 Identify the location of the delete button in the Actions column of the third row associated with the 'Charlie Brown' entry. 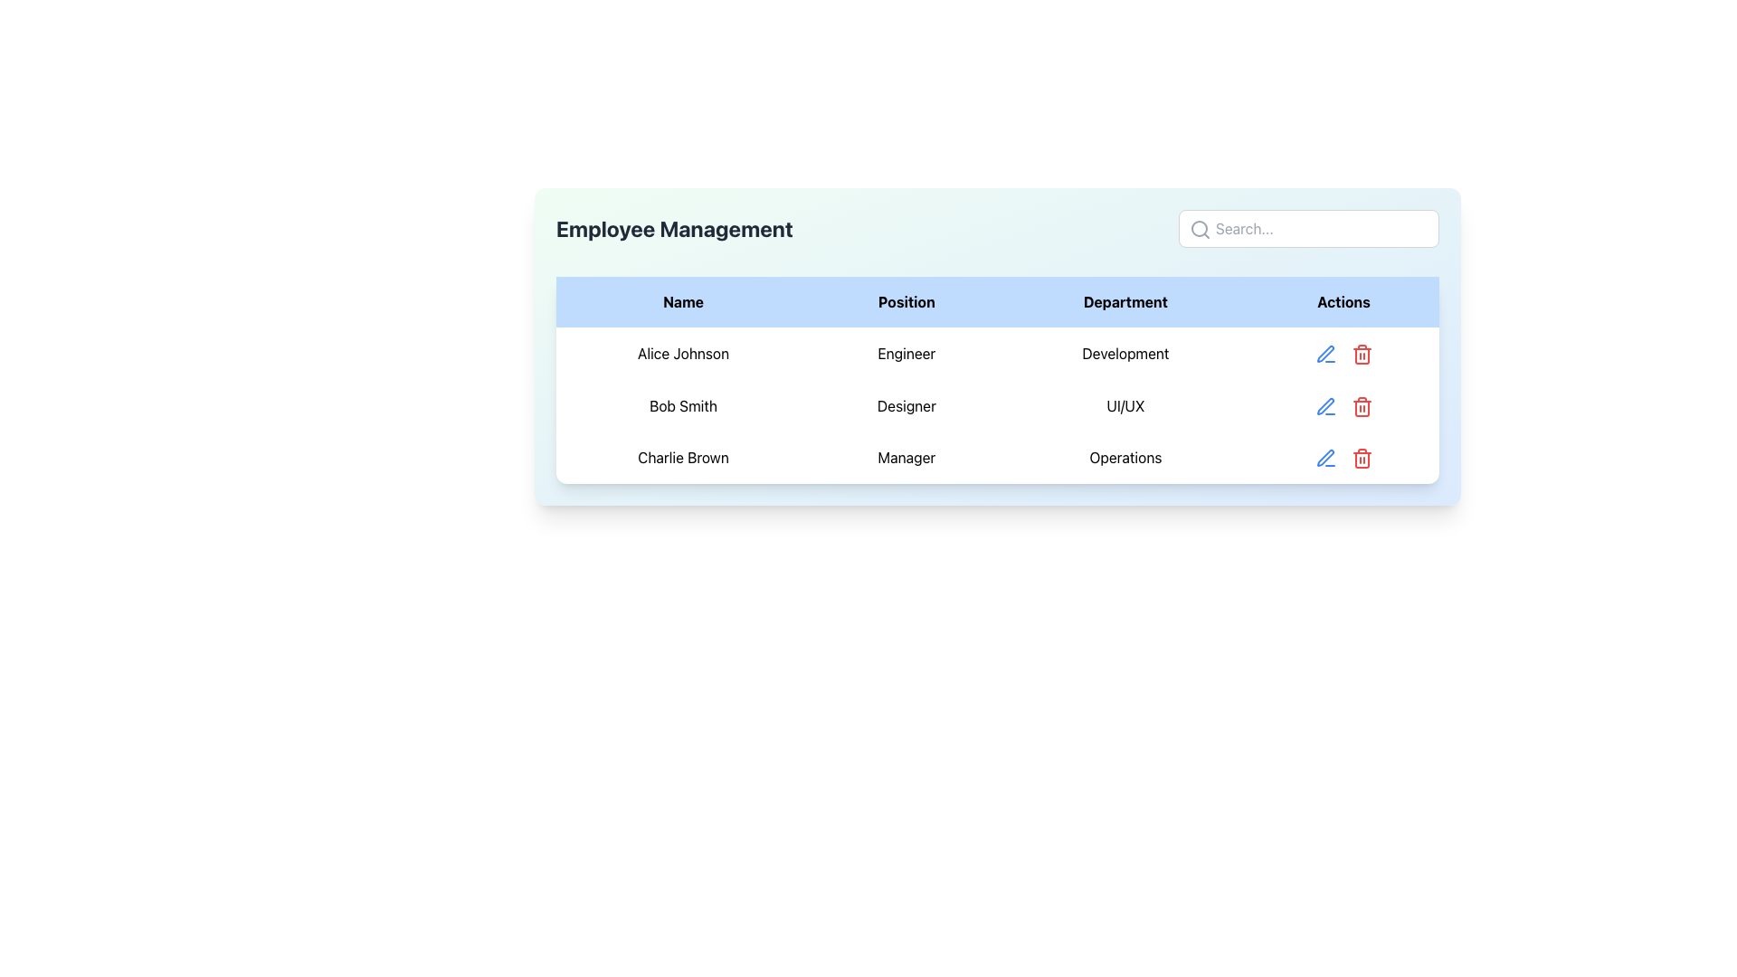
(1362, 408).